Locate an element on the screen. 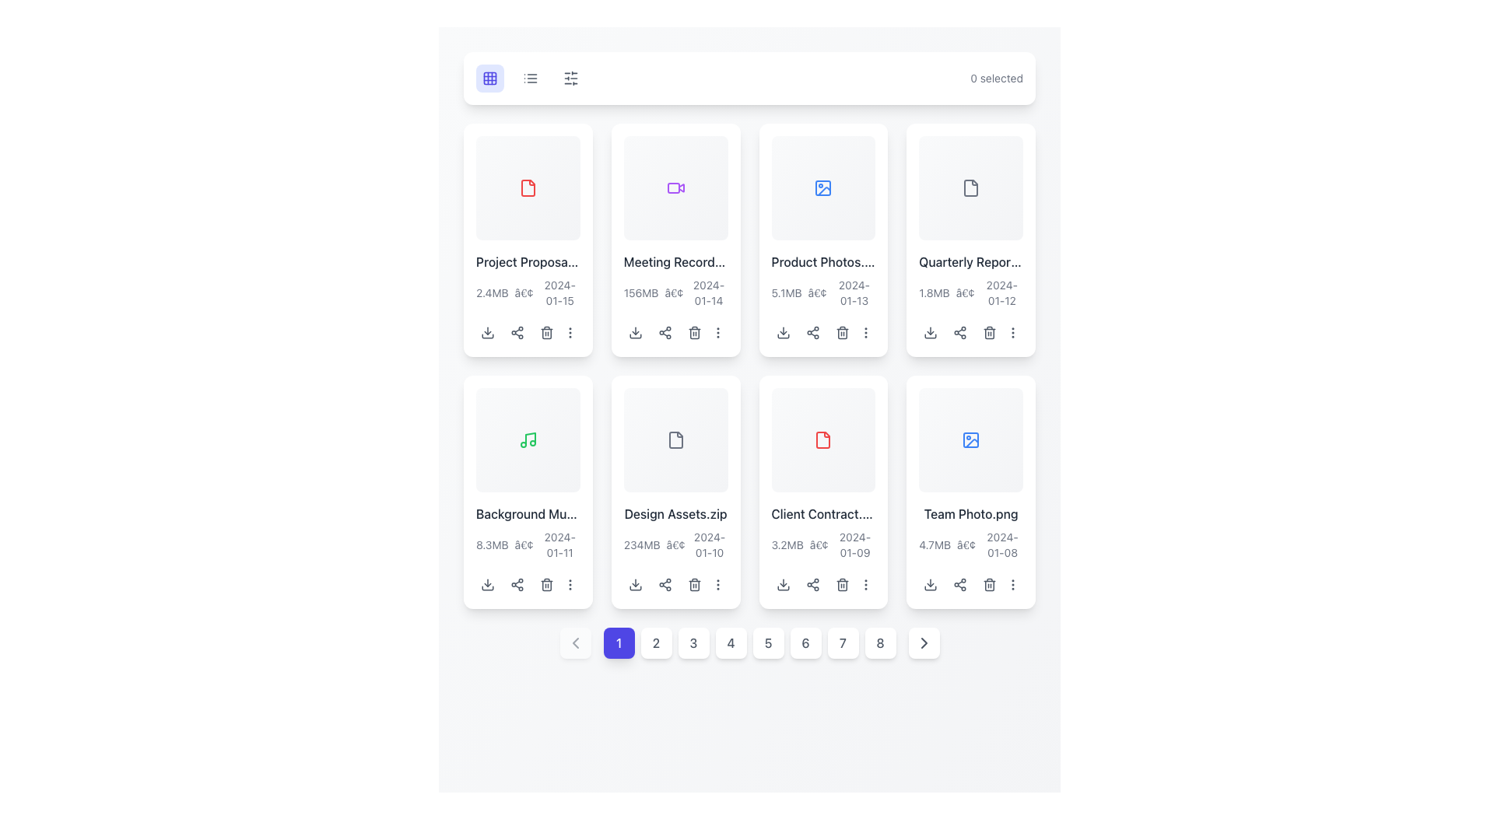 This screenshot has width=1494, height=840. the Icon button in the bottom-left section of the card displaying 'Background Music' is located at coordinates (487, 584).